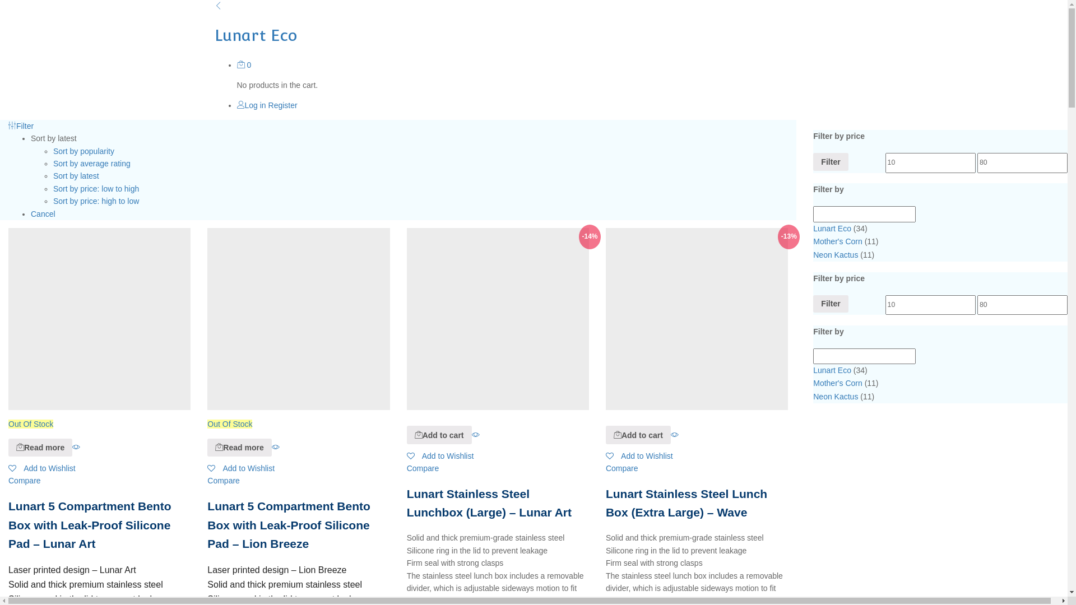  I want to click on 'Sort by average rating', so click(91, 164).